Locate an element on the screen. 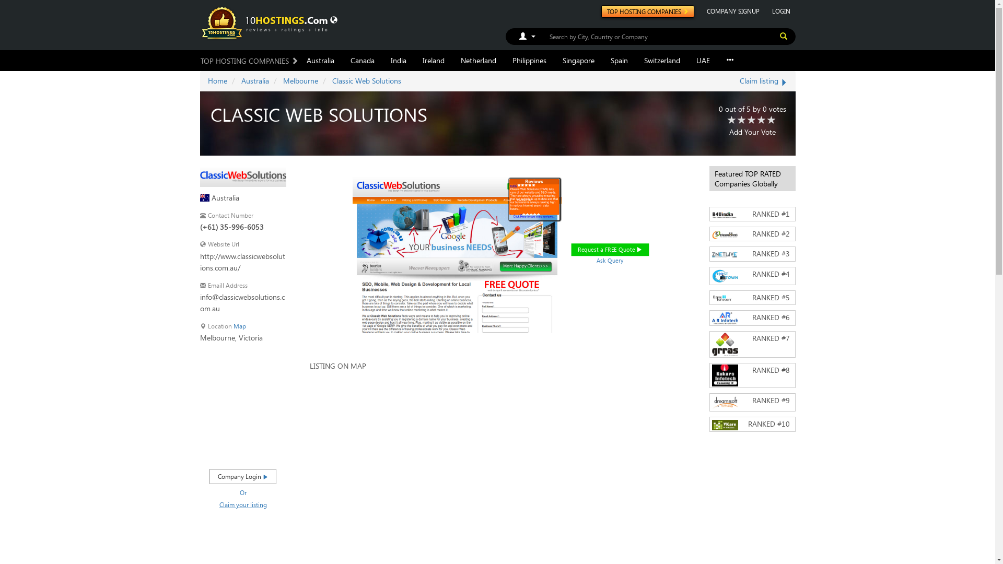 Image resolution: width=1003 pixels, height=564 pixels. 'RANKED #9' is located at coordinates (752, 402).